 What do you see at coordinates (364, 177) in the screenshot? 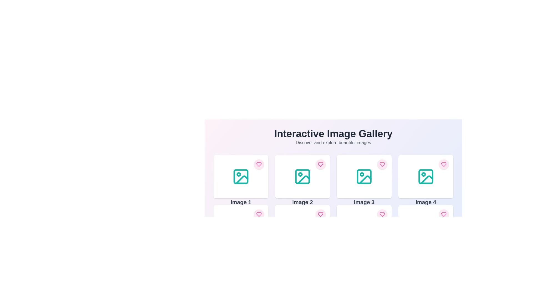
I see `the teal icon shaped like a picture frame with a circular dot in the top-left corner located under the text 'Image 3' in the third column of the grid` at bounding box center [364, 177].